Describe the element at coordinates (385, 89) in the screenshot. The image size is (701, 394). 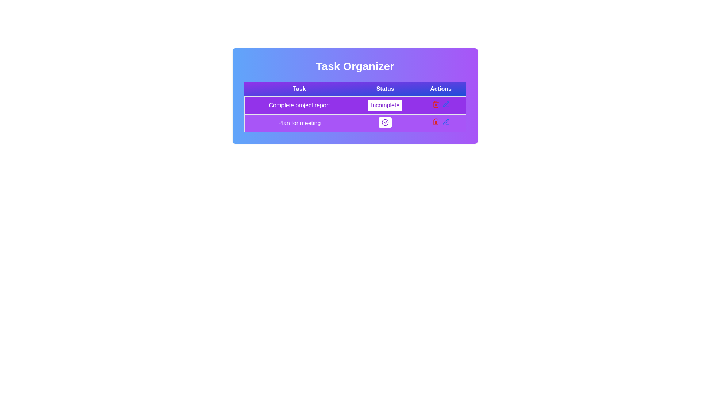
I see `the header label in the task table that indicates the status of tasks, positioned as the second tab from the left between the 'Task' and 'Actions' tabs` at that location.